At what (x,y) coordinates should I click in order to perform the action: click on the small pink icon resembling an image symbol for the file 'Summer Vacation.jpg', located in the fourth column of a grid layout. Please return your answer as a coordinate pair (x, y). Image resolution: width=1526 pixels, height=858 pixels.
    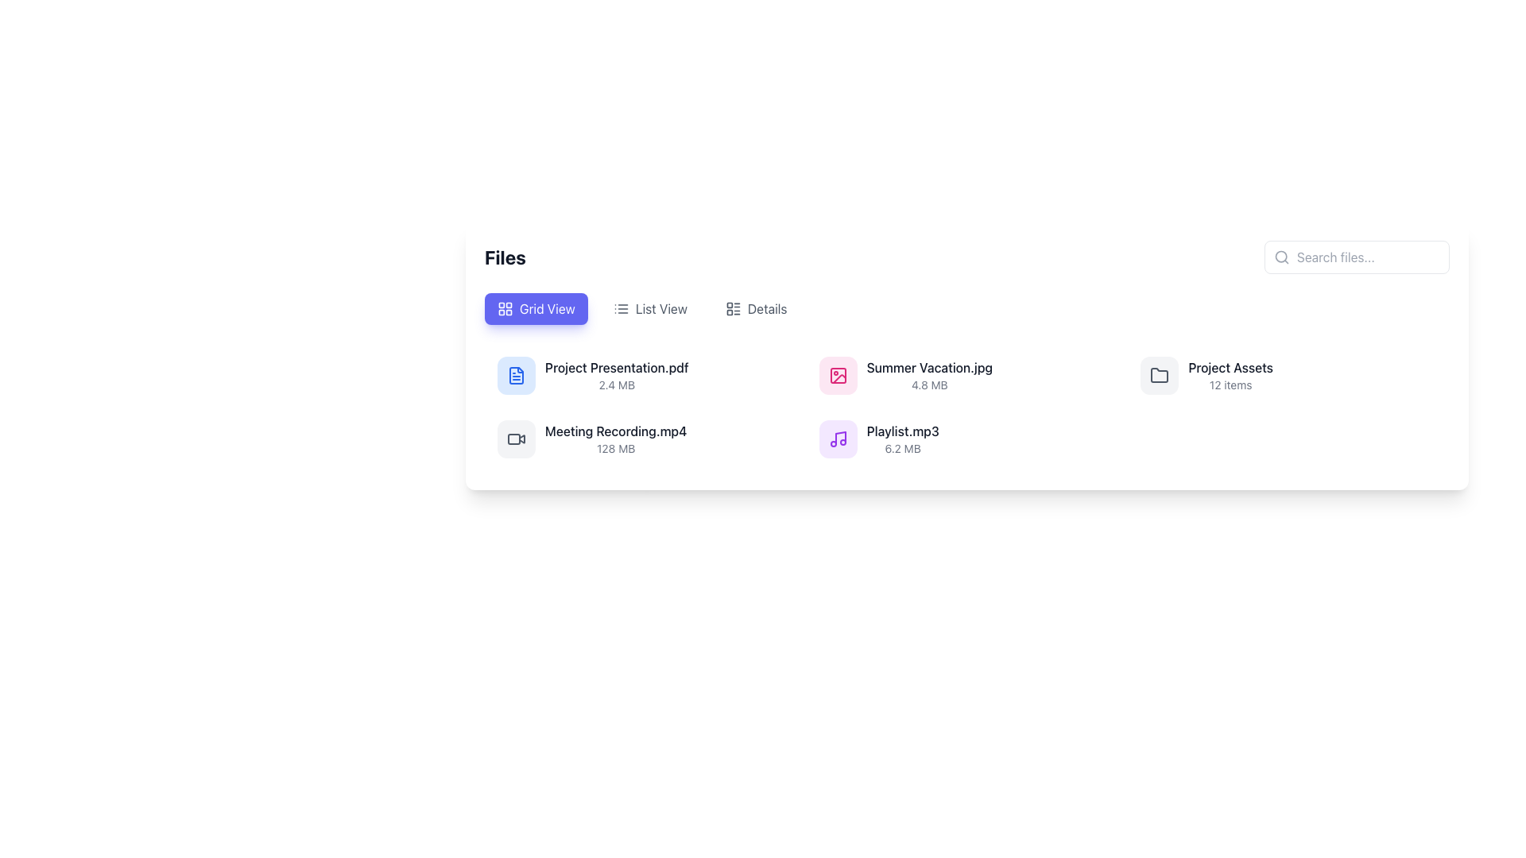
    Looking at the image, I should click on (837, 376).